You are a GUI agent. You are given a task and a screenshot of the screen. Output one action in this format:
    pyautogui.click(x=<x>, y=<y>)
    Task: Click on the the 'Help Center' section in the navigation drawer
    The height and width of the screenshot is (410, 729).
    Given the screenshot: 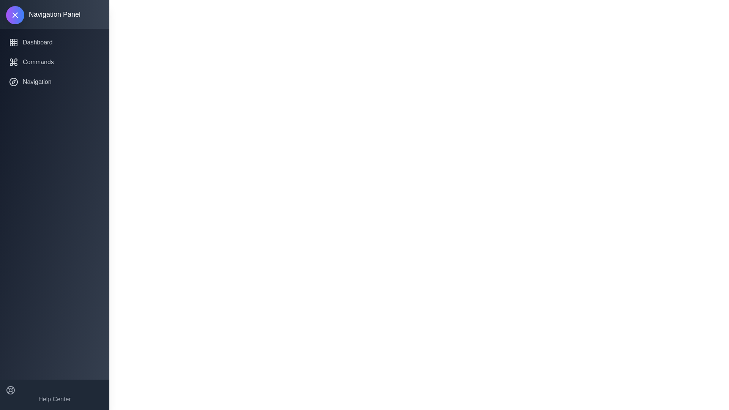 What is the action you would take?
    pyautogui.click(x=54, y=394)
    